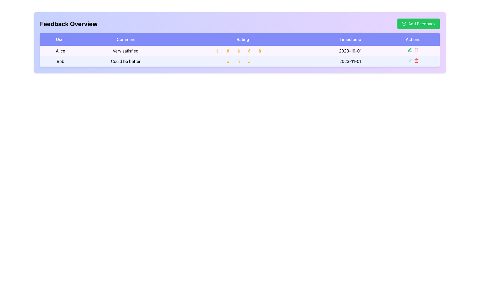 The width and height of the screenshot is (502, 282). I want to click on the green pen icon button in the second row of the actions column associated with 'Bob', so click(409, 60).